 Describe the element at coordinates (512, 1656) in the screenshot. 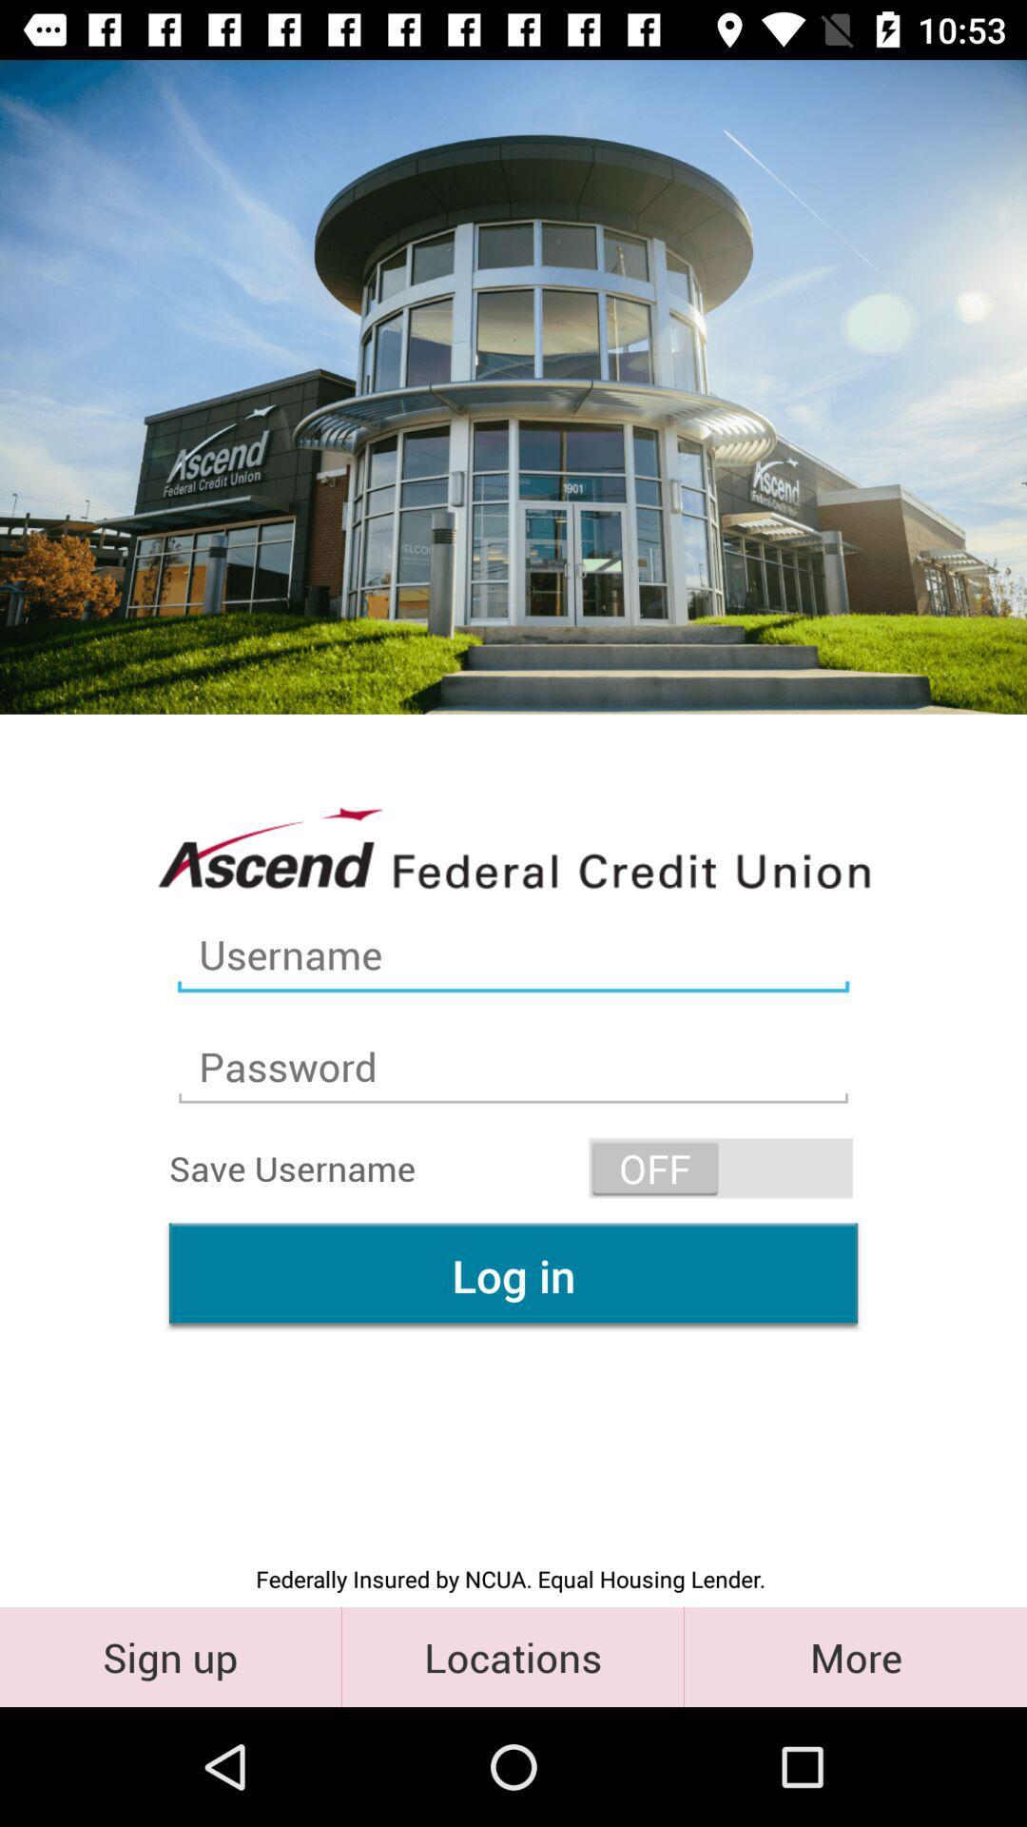

I see `locations item` at that location.